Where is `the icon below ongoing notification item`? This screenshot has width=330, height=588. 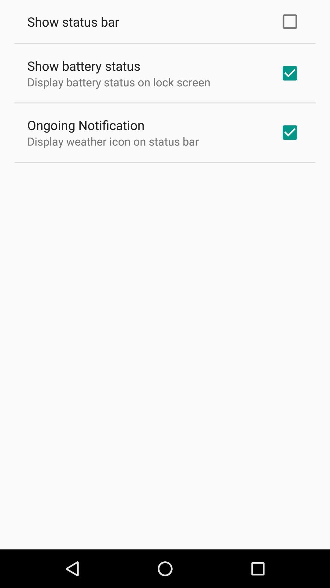
the icon below ongoing notification item is located at coordinates (113, 141).